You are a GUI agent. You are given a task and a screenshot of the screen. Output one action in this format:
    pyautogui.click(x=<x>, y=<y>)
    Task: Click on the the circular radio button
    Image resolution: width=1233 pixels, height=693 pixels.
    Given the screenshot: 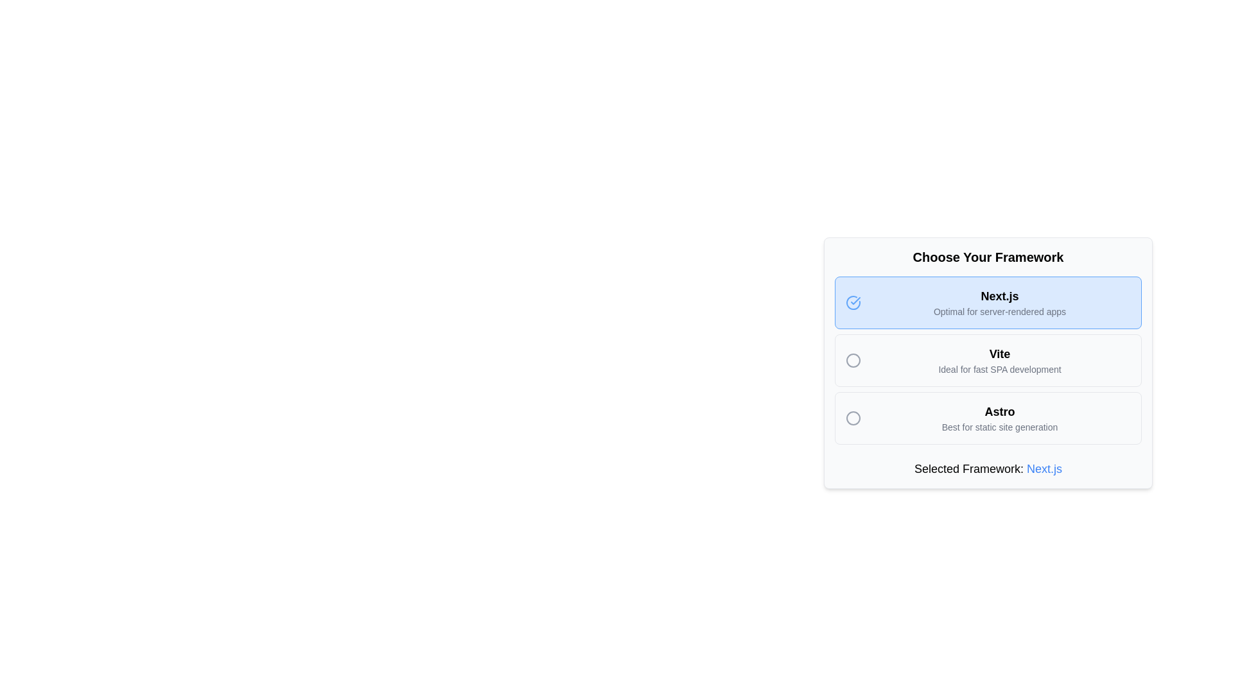 What is the action you would take?
    pyautogui.click(x=988, y=366)
    